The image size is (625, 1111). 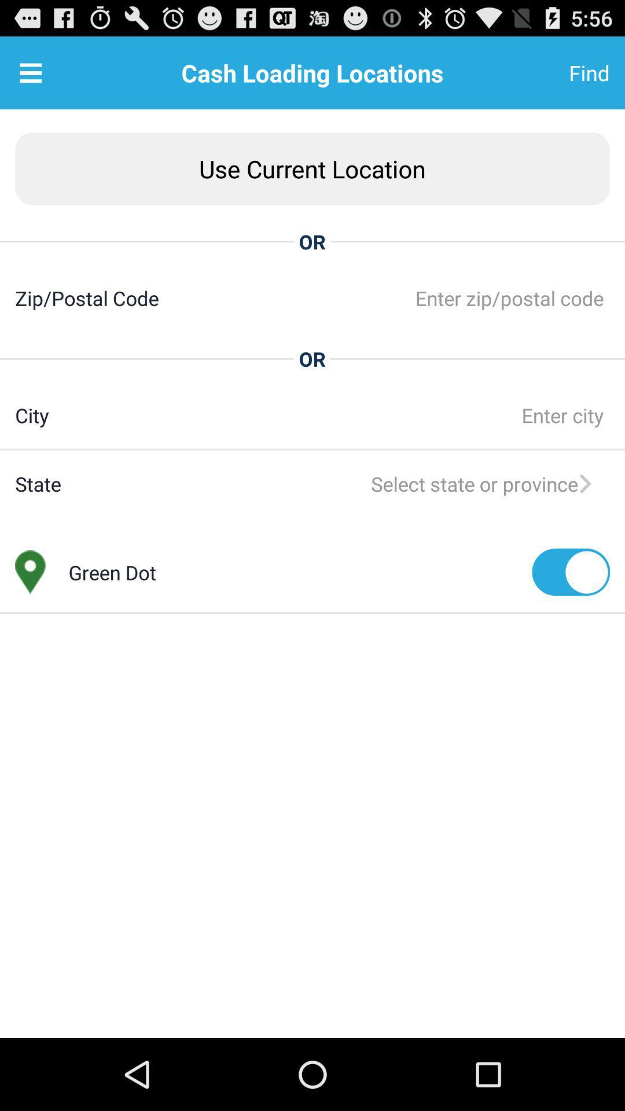 What do you see at coordinates (30, 72) in the screenshot?
I see `the item next to the cash loading locations item` at bounding box center [30, 72].